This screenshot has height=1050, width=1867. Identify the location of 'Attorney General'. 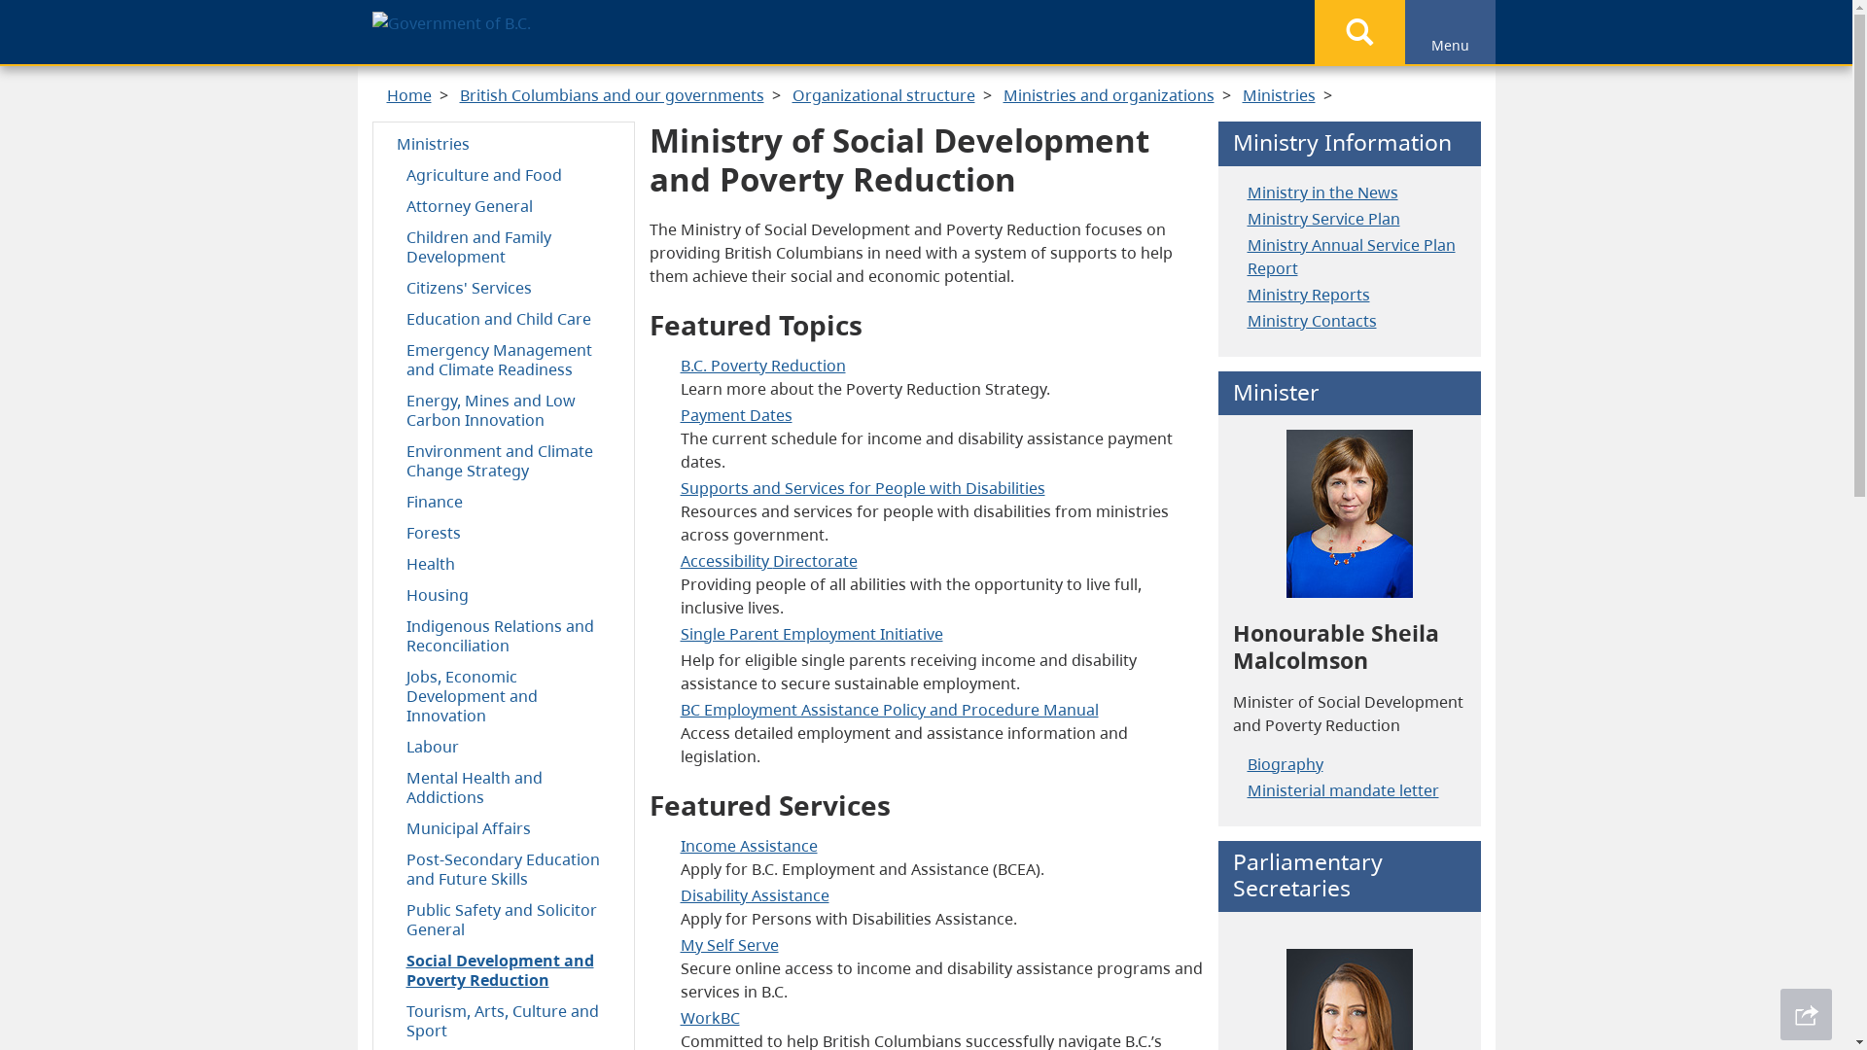
(401, 205).